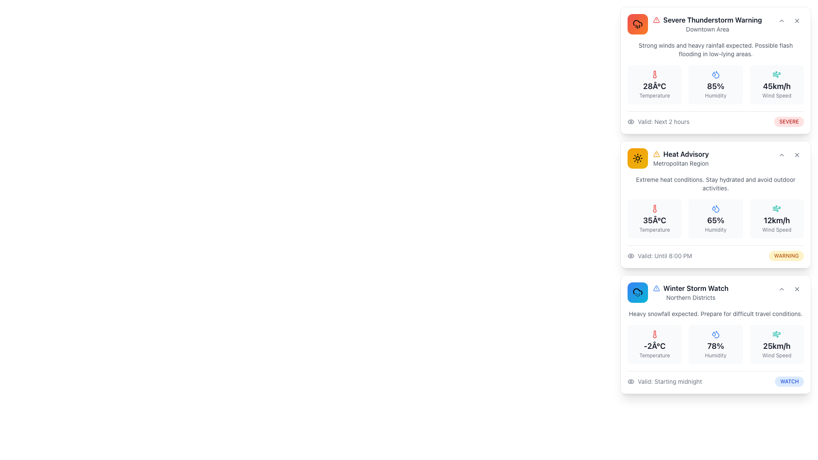 The width and height of the screenshot is (818, 460). What do you see at coordinates (656, 288) in the screenshot?
I see `the alert icon located in the 'Winter Storm Watch' section, immediately to the left of the title text, to receive more detailed alert information` at bounding box center [656, 288].